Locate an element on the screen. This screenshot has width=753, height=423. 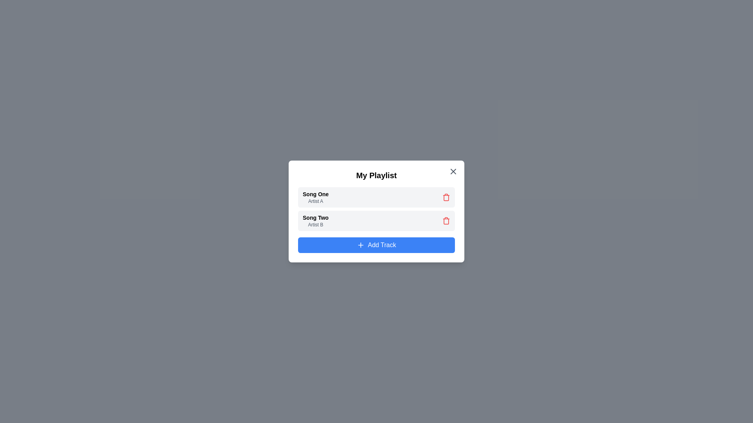
a song in the playlist manager dialog box is located at coordinates (376, 211).